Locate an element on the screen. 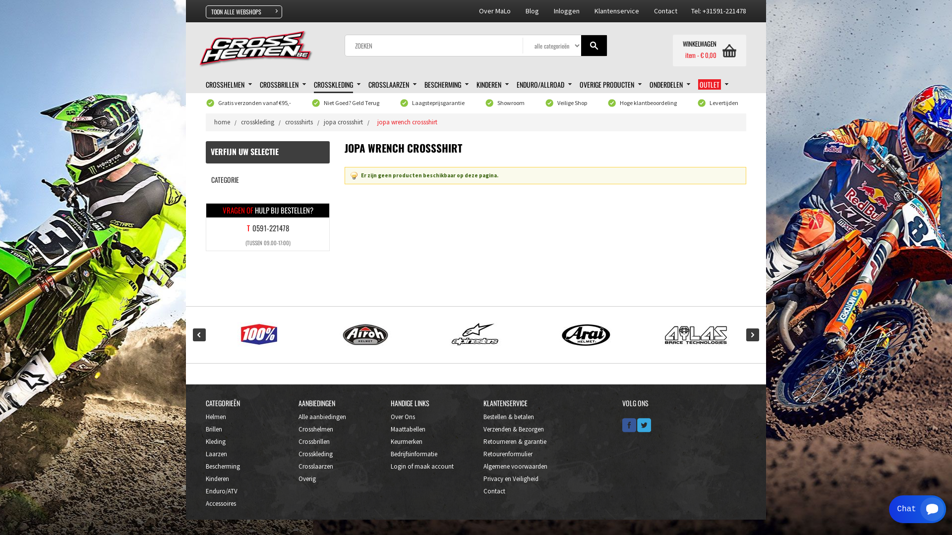  'KINDEREN' is located at coordinates (492, 84).